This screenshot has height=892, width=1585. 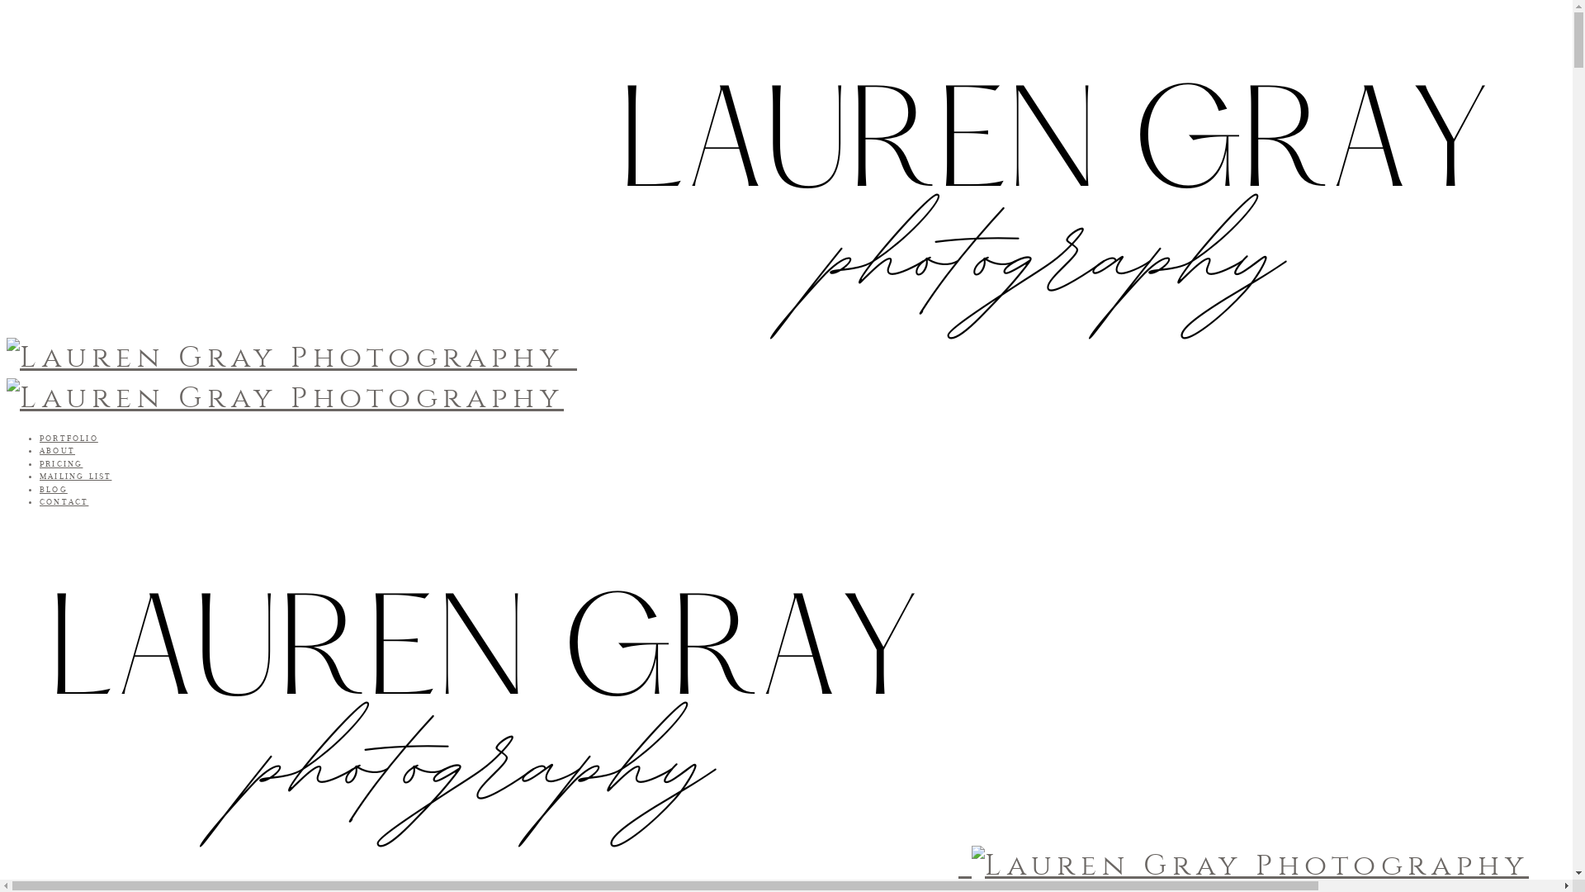 I want to click on 'MAILING LIST', so click(x=74, y=476).